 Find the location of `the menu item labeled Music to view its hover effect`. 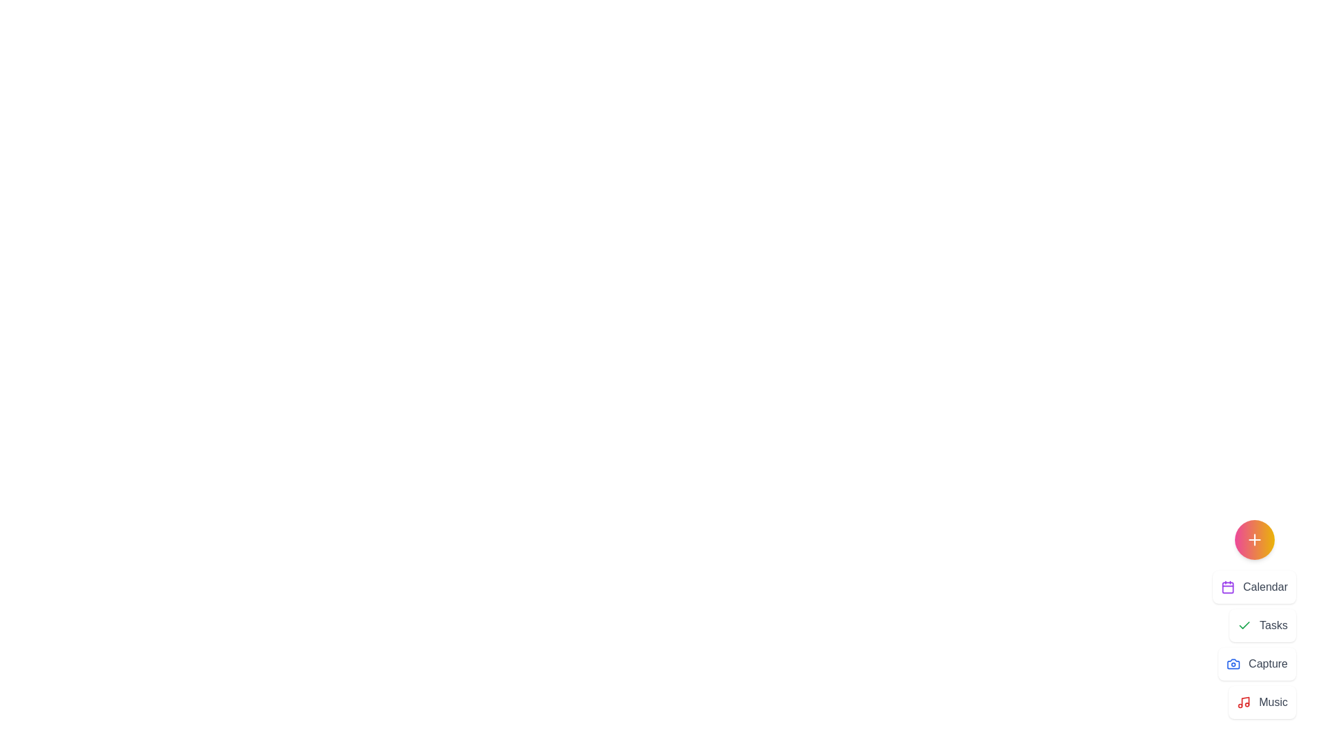

the menu item labeled Music to view its hover effect is located at coordinates (1262, 702).